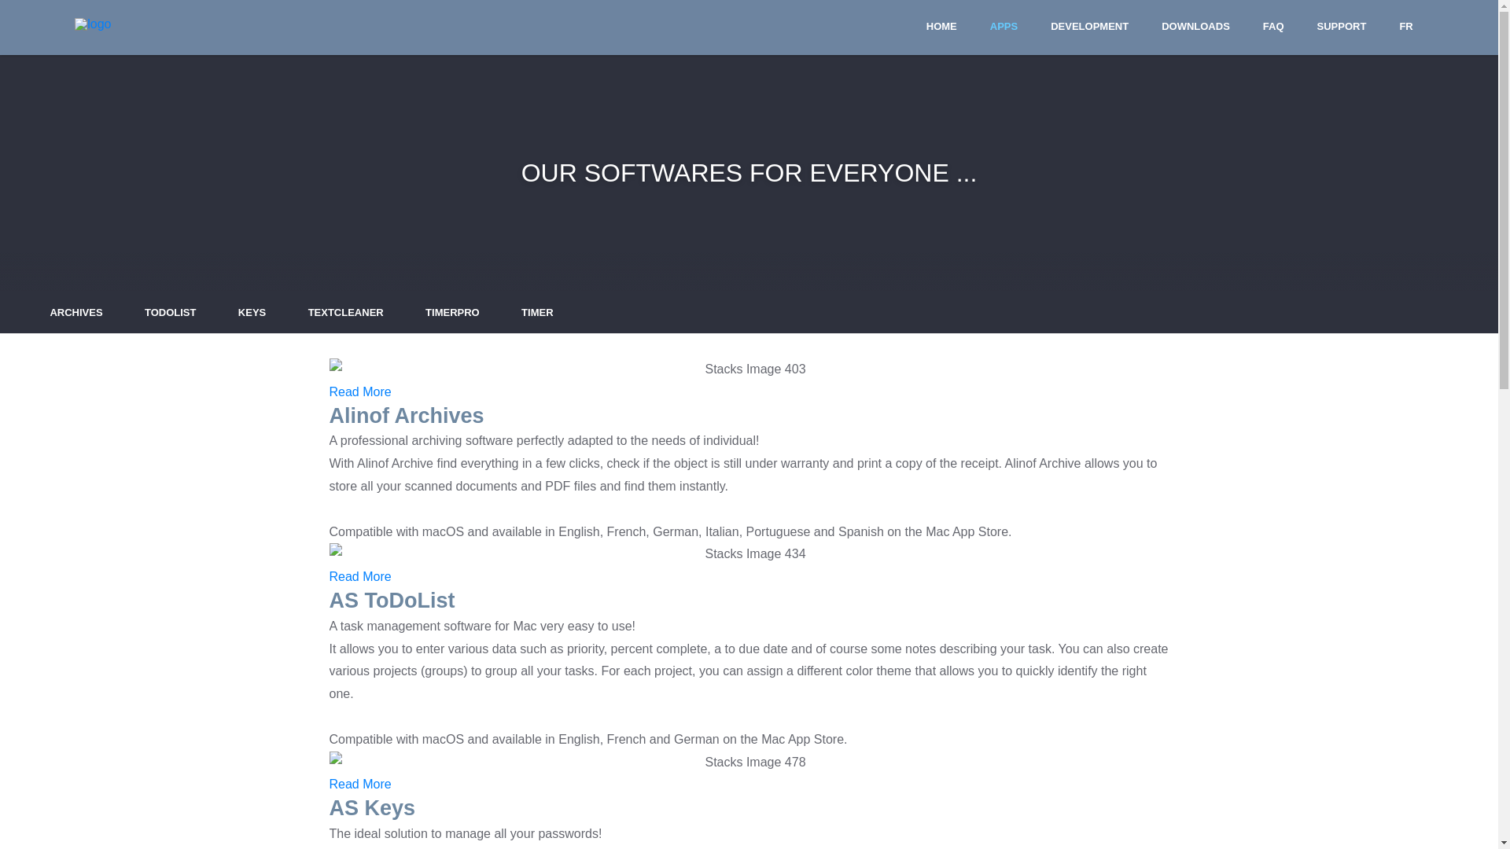 The width and height of the screenshot is (1510, 849). Describe the element at coordinates (1341, 26) in the screenshot. I see `'SUPPORT'` at that location.